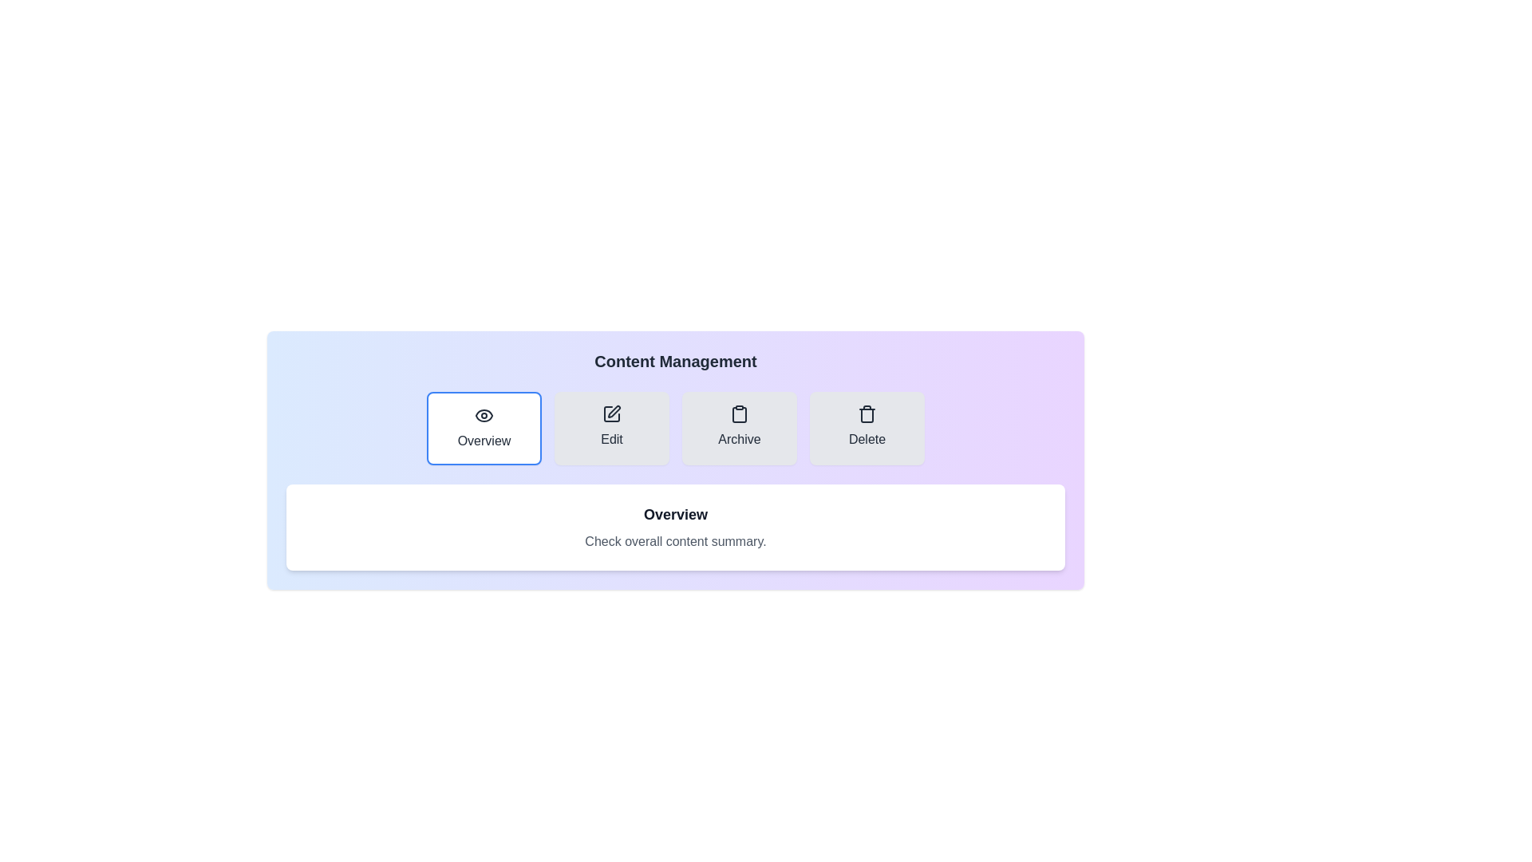 The image size is (1532, 862). What do you see at coordinates (483, 427) in the screenshot?
I see `the tab labeled Overview to preview its interaction effect` at bounding box center [483, 427].